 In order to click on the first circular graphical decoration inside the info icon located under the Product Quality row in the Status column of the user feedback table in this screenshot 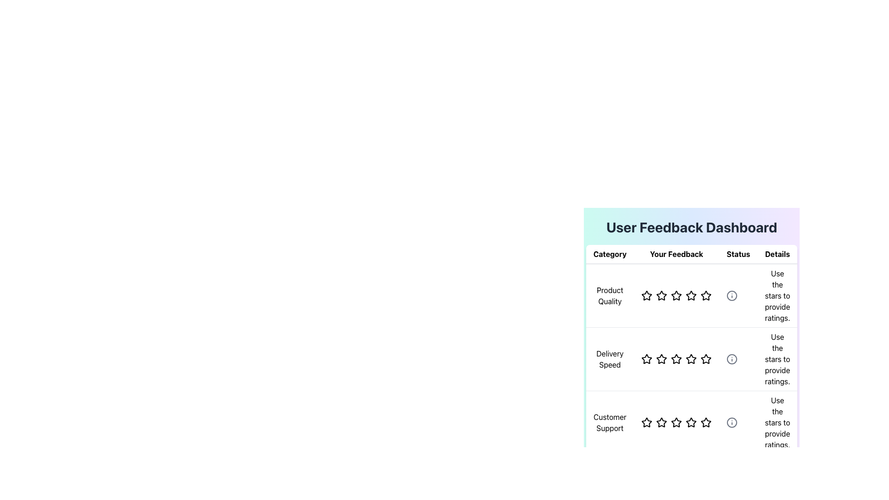, I will do `click(731, 296)`.